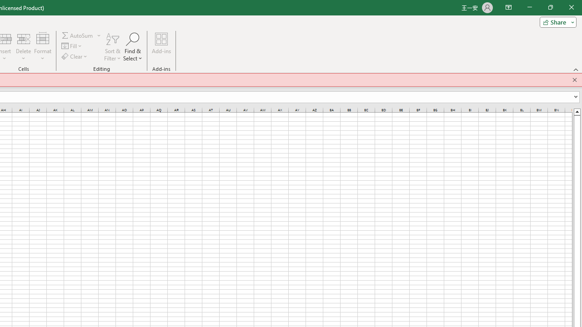 This screenshot has width=582, height=327. What do you see at coordinates (99, 35) in the screenshot?
I see `'More Options'` at bounding box center [99, 35].